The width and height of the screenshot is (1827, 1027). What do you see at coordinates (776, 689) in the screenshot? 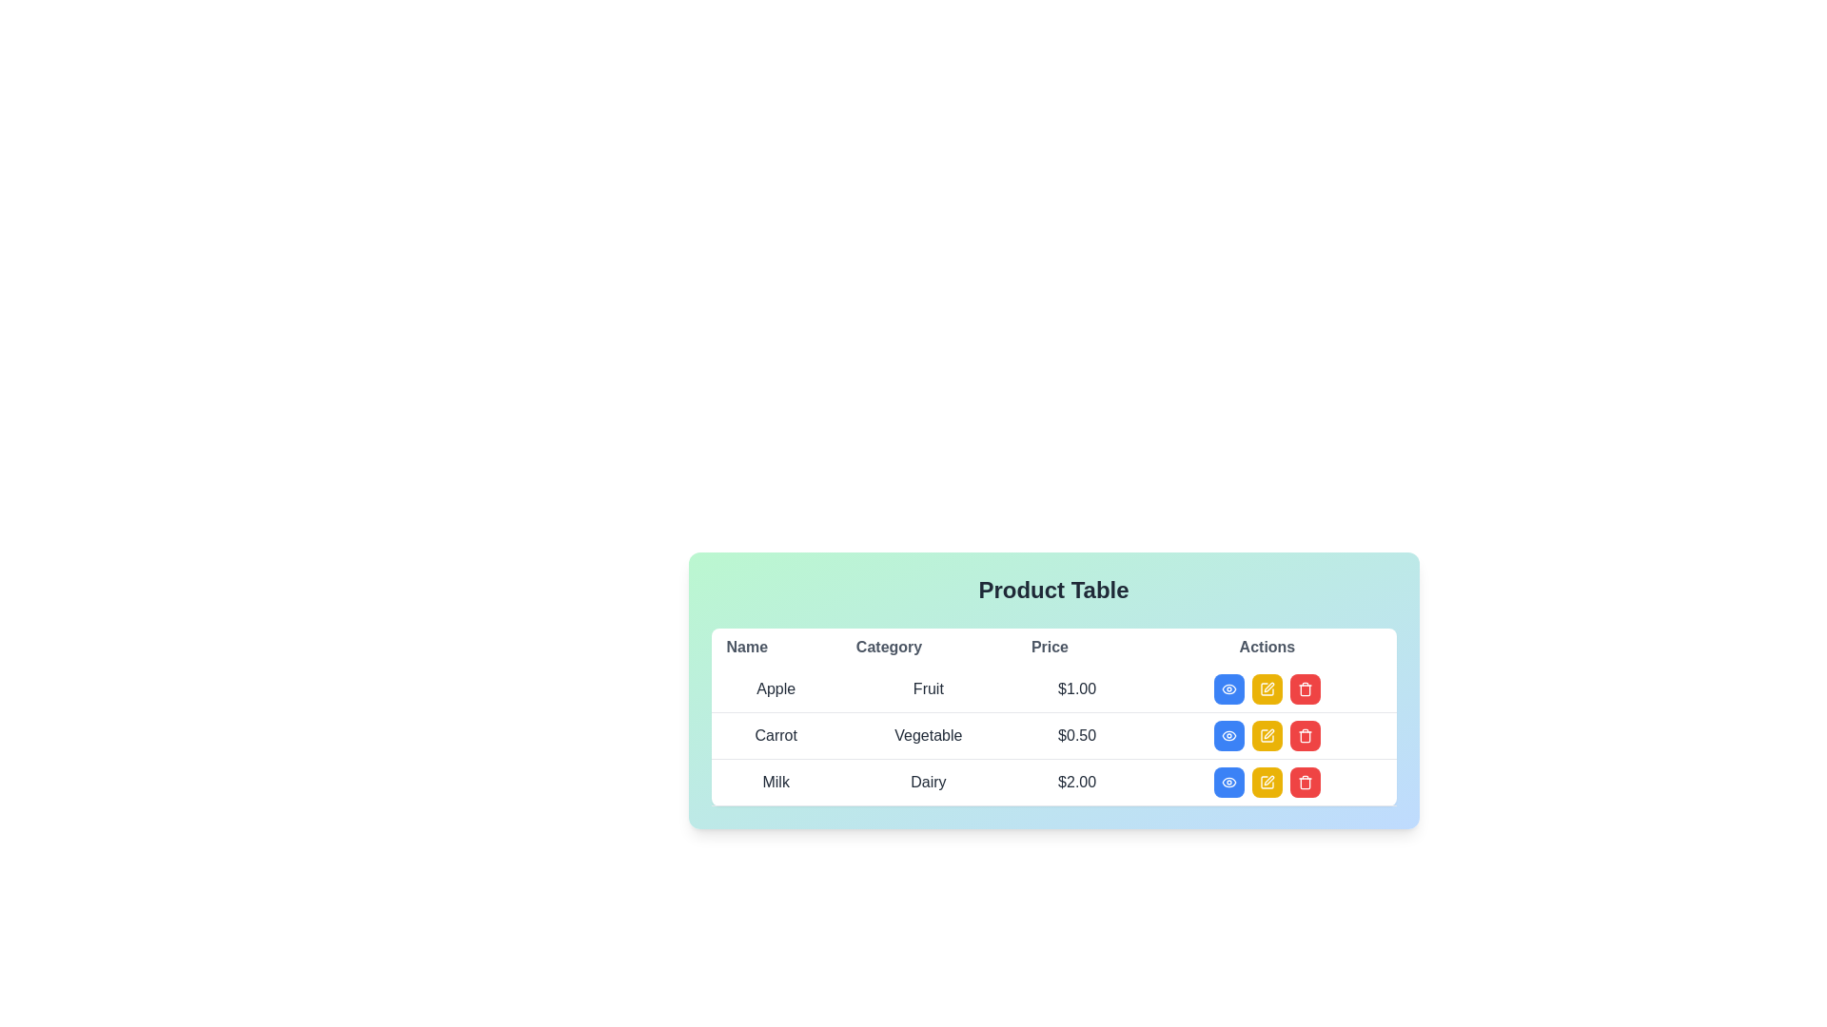
I see `text label 'Apple' located in the 'Name' column of the data table, which is part of the first data row and adjacent to the 'Category' and 'Price' columns` at bounding box center [776, 689].